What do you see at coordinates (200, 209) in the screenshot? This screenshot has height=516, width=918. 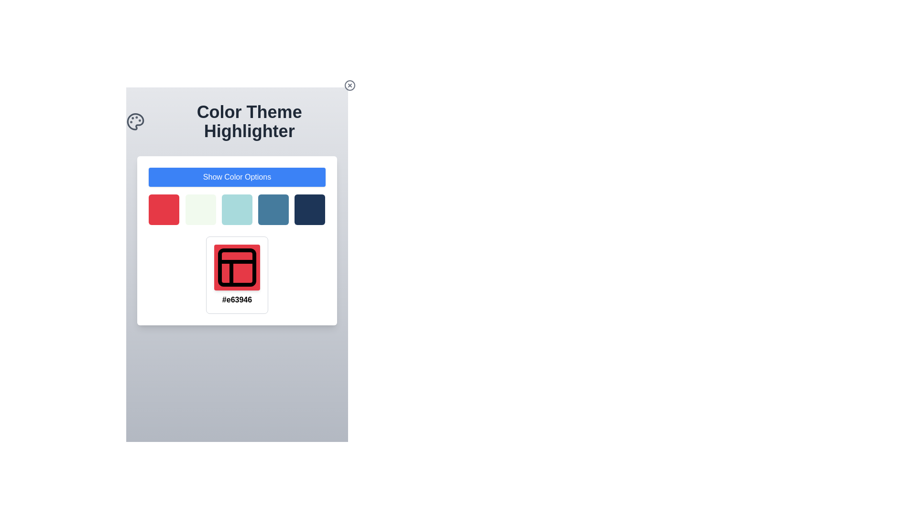 I see `the interactive rectangular tile, which is the second tile from the left in a row of five tiles` at bounding box center [200, 209].